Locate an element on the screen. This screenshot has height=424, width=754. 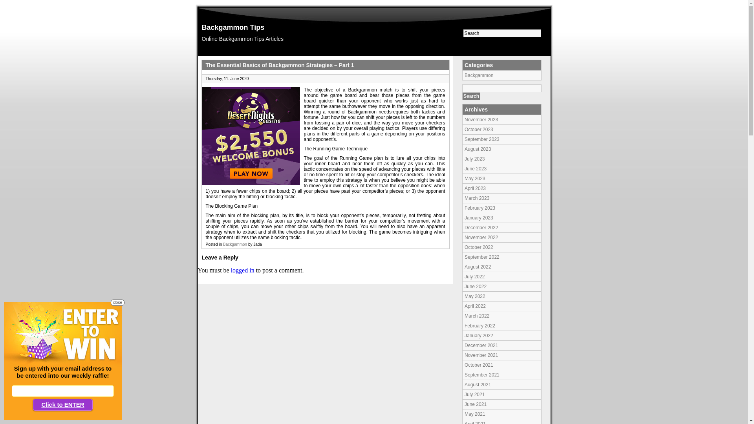
'Backgammon' is located at coordinates (478, 75).